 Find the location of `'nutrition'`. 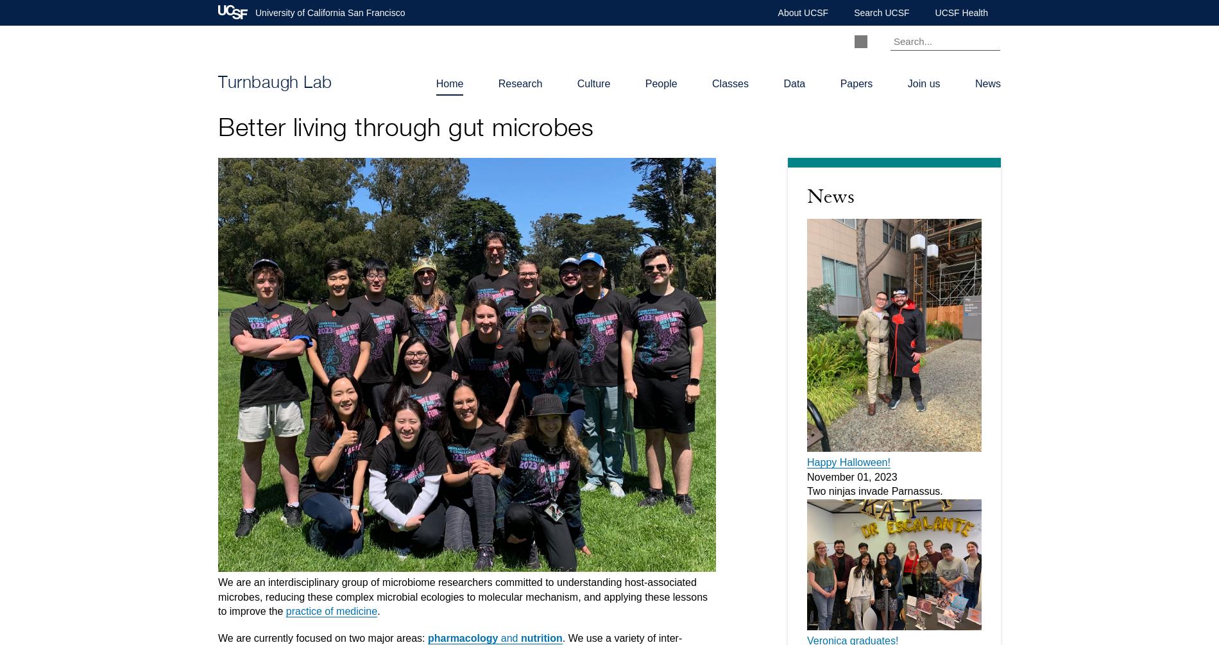

'nutrition' is located at coordinates (540, 637).